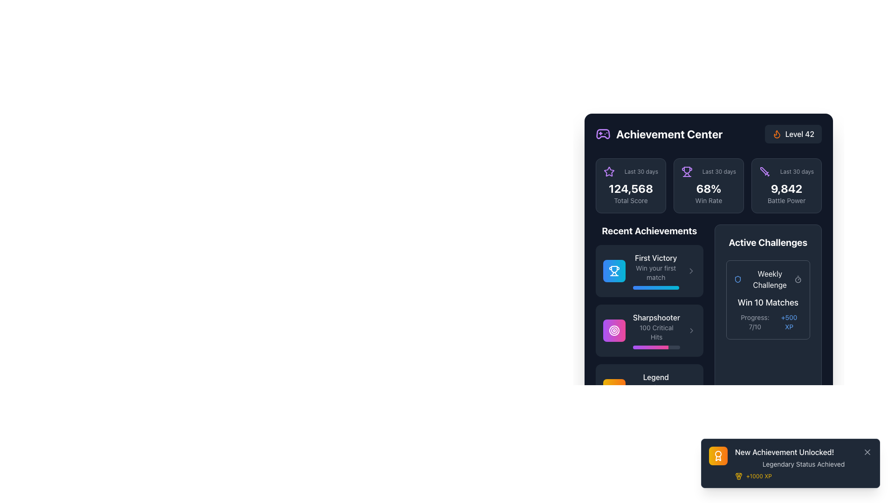 The image size is (895, 503). Describe the element at coordinates (614, 390) in the screenshot. I see `the SVG Icon representing a rank or achievement located at the bottom center of the 'Recent Achievements' list beneath the 'Legend' section` at that location.